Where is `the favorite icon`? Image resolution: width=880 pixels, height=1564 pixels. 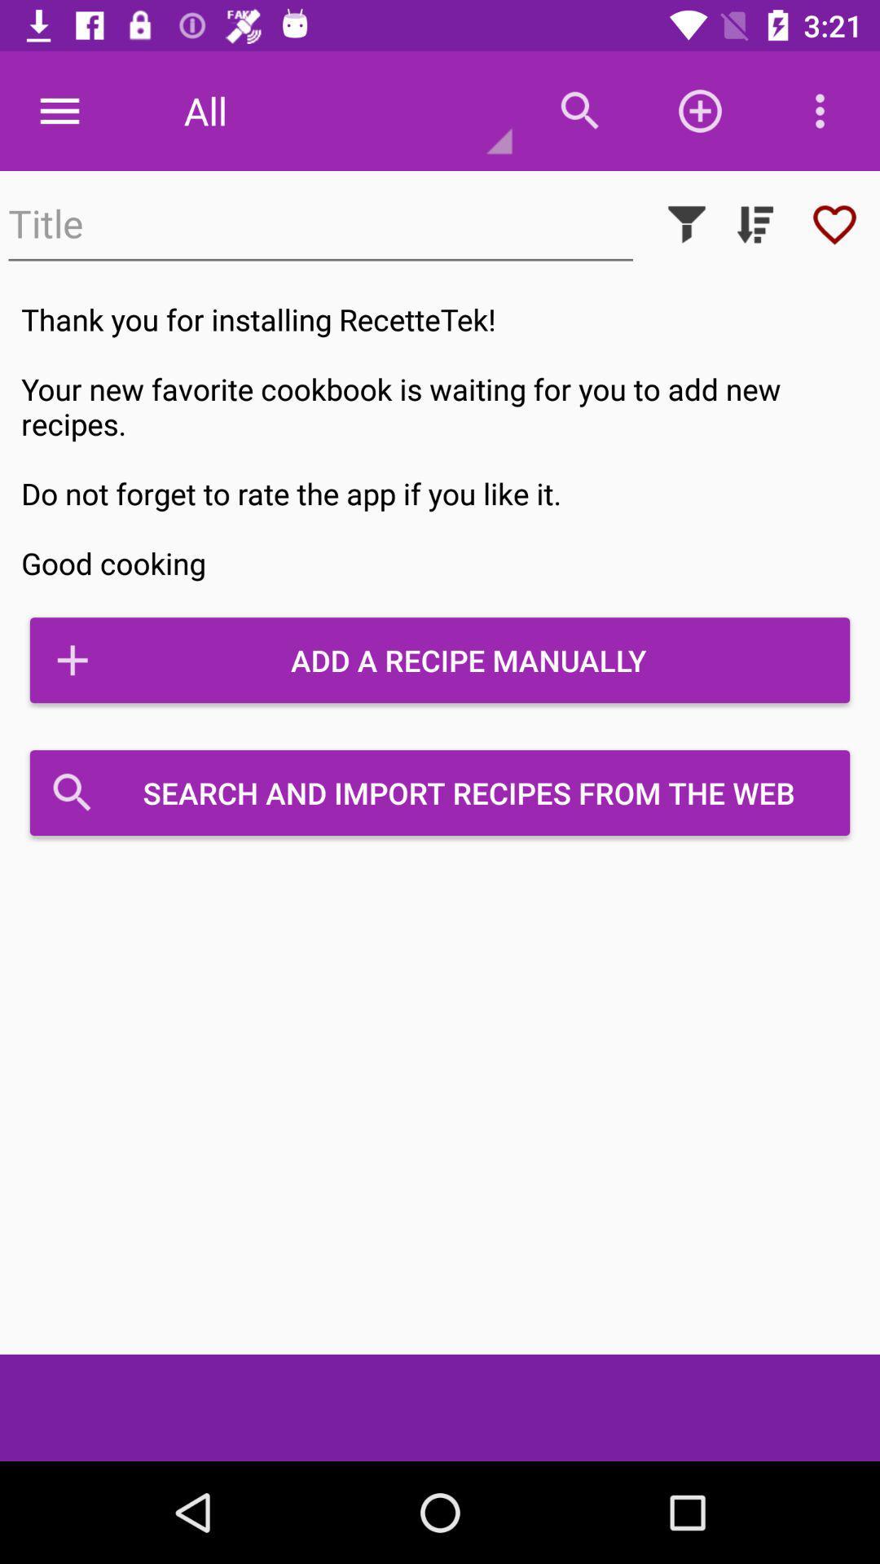
the favorite icon is located at coordinates (834, 223).